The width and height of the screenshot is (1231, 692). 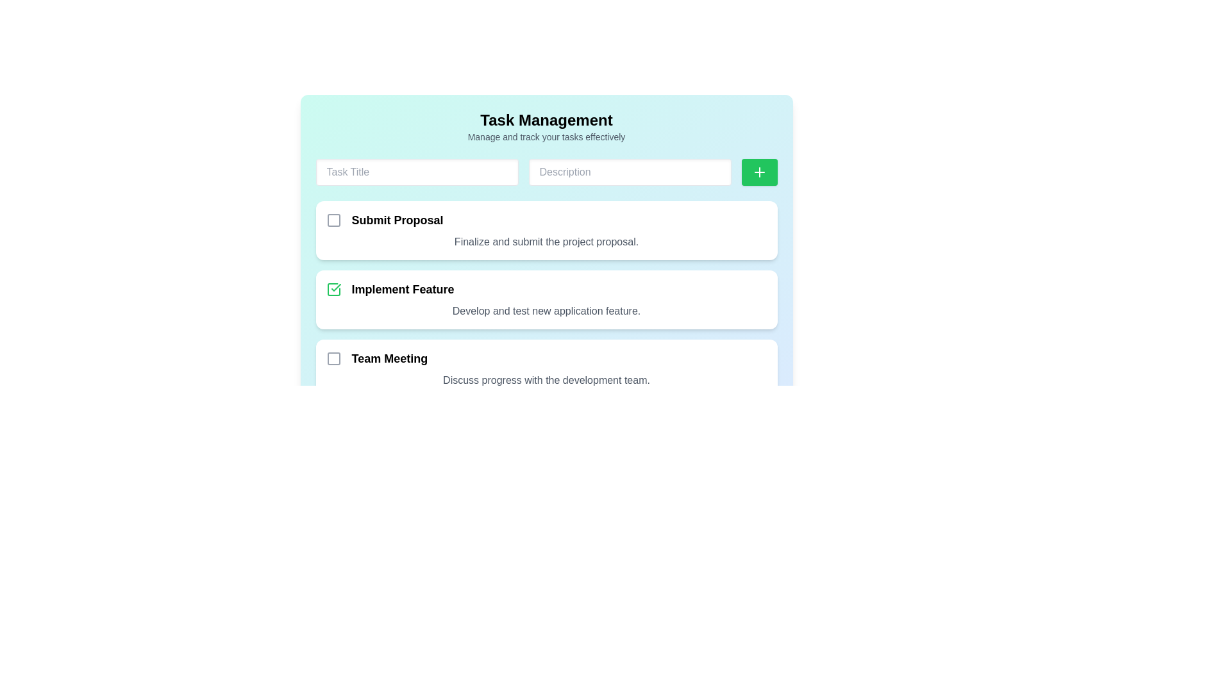 What do you see at coordinates (759, 172) in the screenshot?
I see `the green 'add' button with a white plus icon, located at the rightmost end of the horizontal layout` at bounding box center [759, 172].